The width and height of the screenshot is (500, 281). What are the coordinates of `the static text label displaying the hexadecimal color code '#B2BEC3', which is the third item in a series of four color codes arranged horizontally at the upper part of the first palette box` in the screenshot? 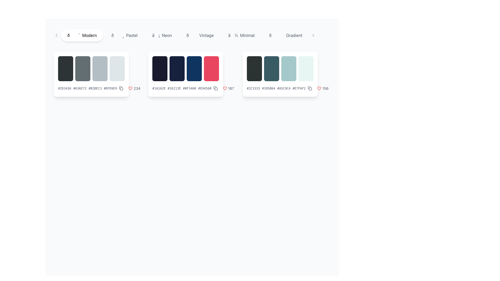 It's located at (95, 88).